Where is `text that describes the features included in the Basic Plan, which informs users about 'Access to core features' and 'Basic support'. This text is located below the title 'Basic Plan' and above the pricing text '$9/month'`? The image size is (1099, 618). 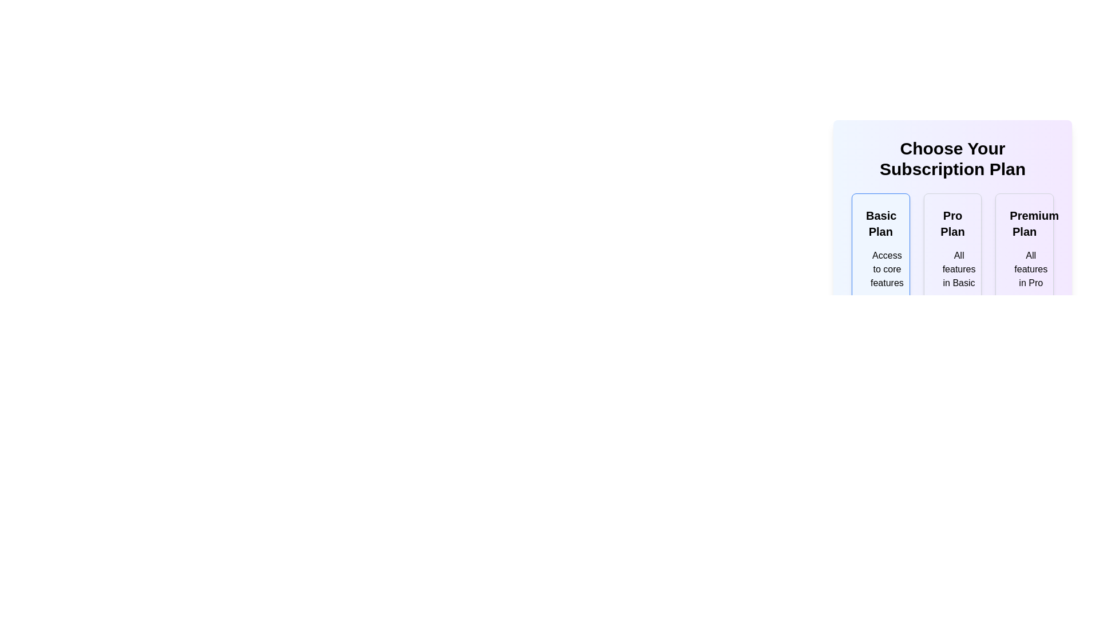
text that describes the features included in the Basic Plan, which informs users about 'Access to core features' and 'Basic support'. This text is located below the title 'Basic Plan' and above the pricing text '$9/month' is located at coordinates (880, 284).